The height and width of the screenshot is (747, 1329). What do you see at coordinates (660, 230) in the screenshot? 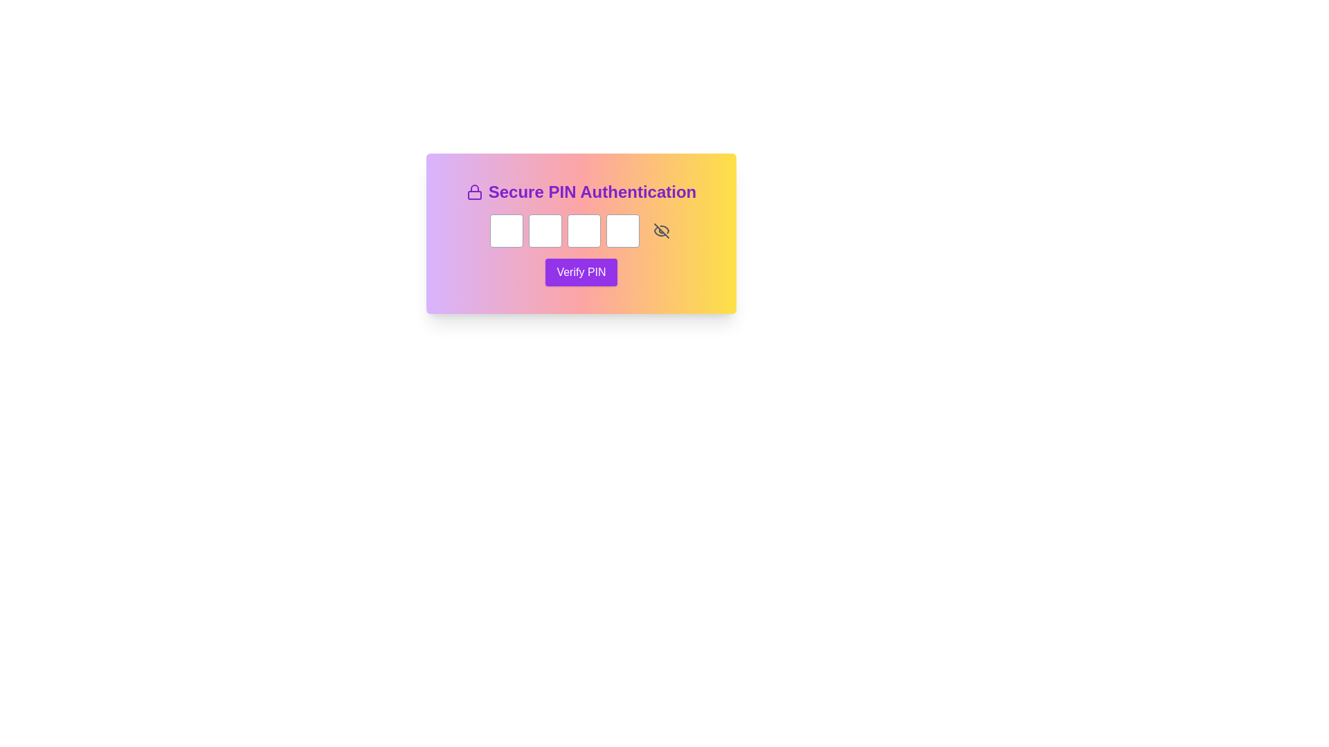
I see `the visibility toggle icon located to the immediate right of the PIN input fields` at bounding box center [660, 230].